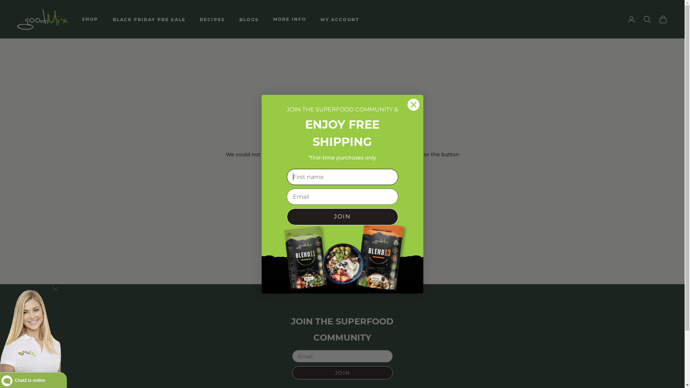 The image size is (690, 388). I want to click on 'Open account page', so click(631, 19).